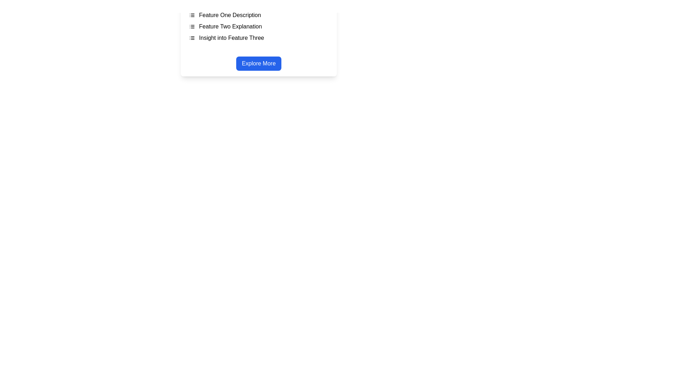  Describe the element at coordinates (192, 26) in the screenshot. I see `the SVG icon component representing a list, which is located in the middle of three similar icons associated with 'Feature Two Explanation.'` at that location.